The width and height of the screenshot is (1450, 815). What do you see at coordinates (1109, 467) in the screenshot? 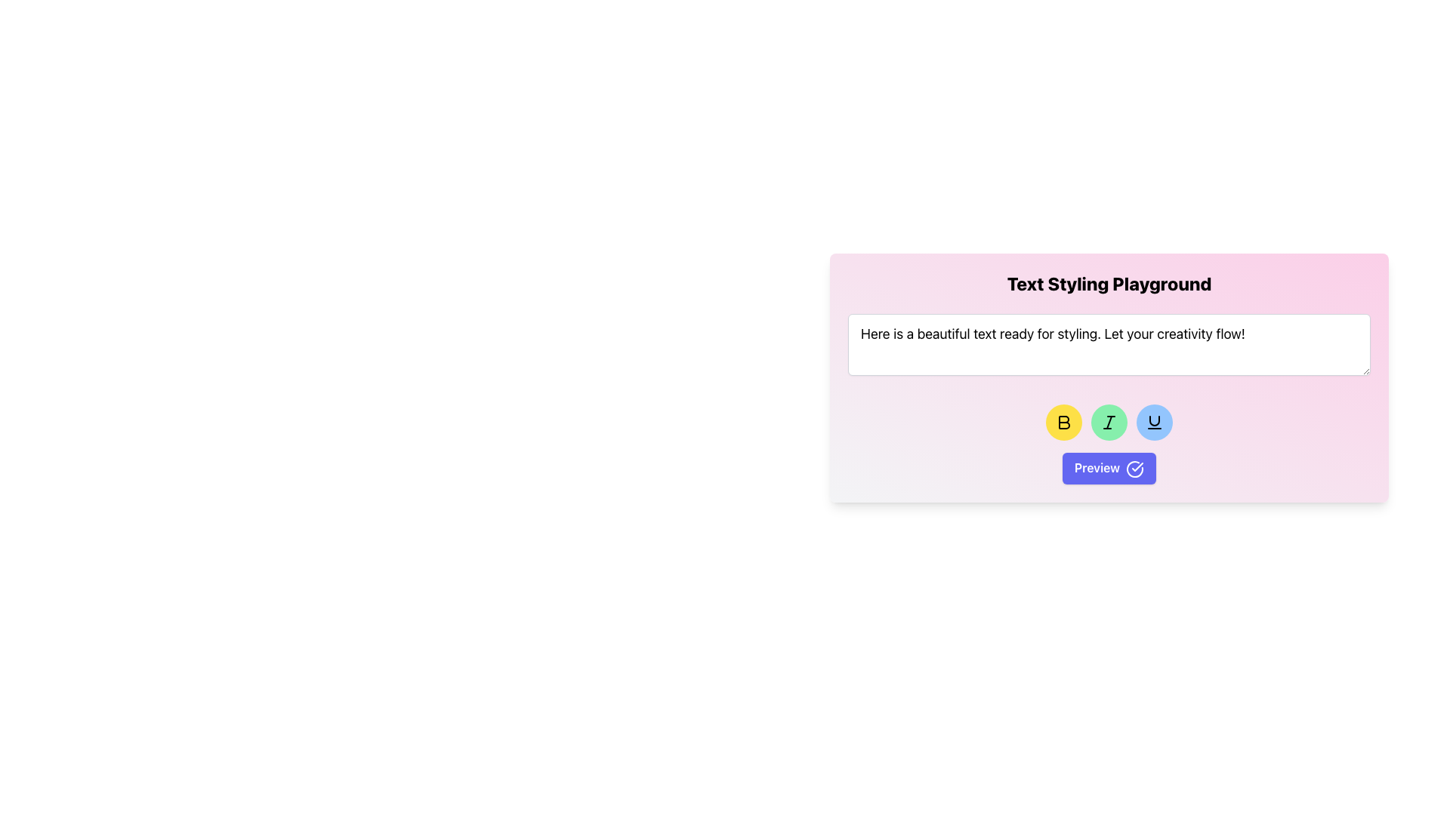
I see `the 'Preview' button with a purple background and white text to observe the visual hover effect` at bounding box center [1109, 467].